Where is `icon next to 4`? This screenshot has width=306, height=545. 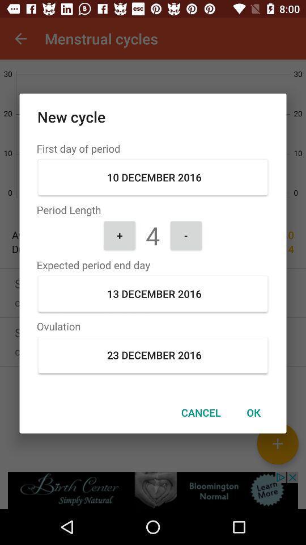 icon next to 4 is located at coordinates (186, 234).